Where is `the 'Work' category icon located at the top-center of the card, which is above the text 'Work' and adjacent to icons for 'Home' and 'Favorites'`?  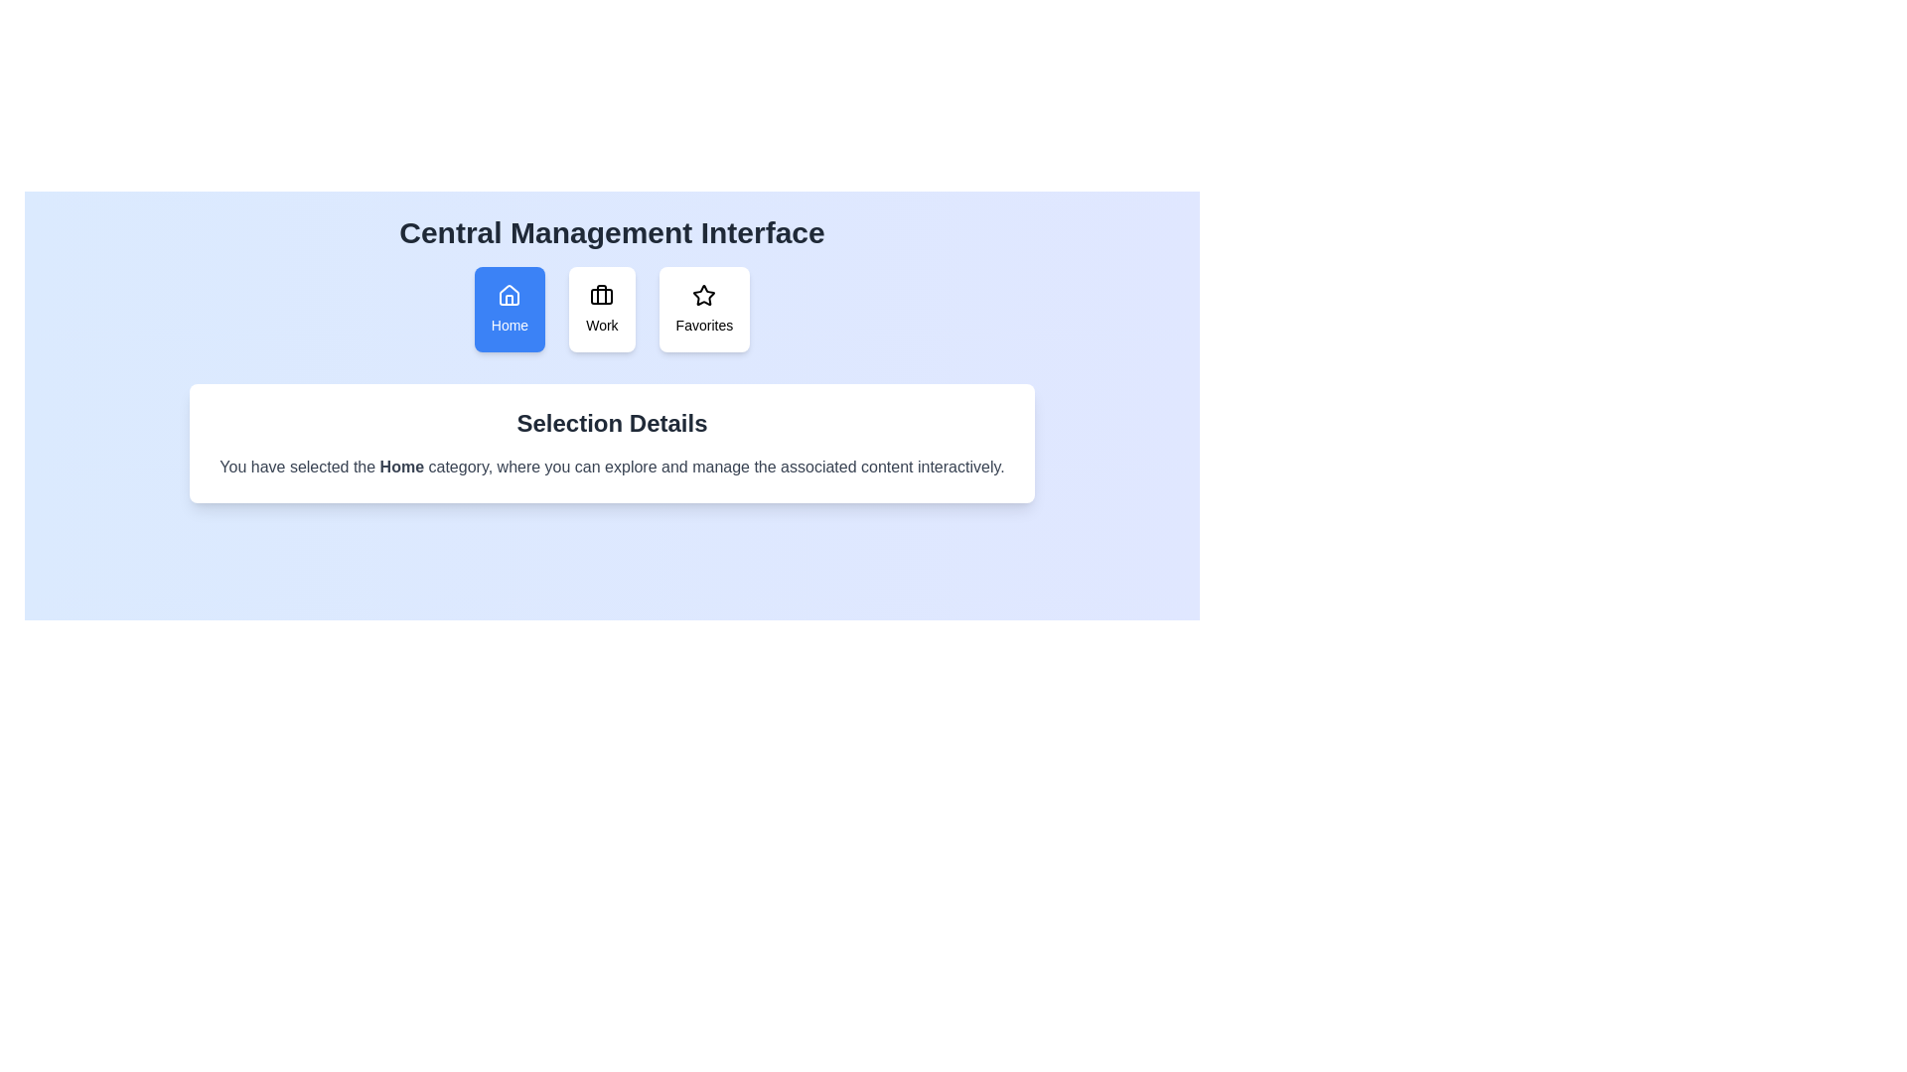
the 'Work' category icon located at the top-center of the card, which is above the text 'Work' and adjacent to icons for 'Home' and 'Favorites' is located at coordinates (601, 295).